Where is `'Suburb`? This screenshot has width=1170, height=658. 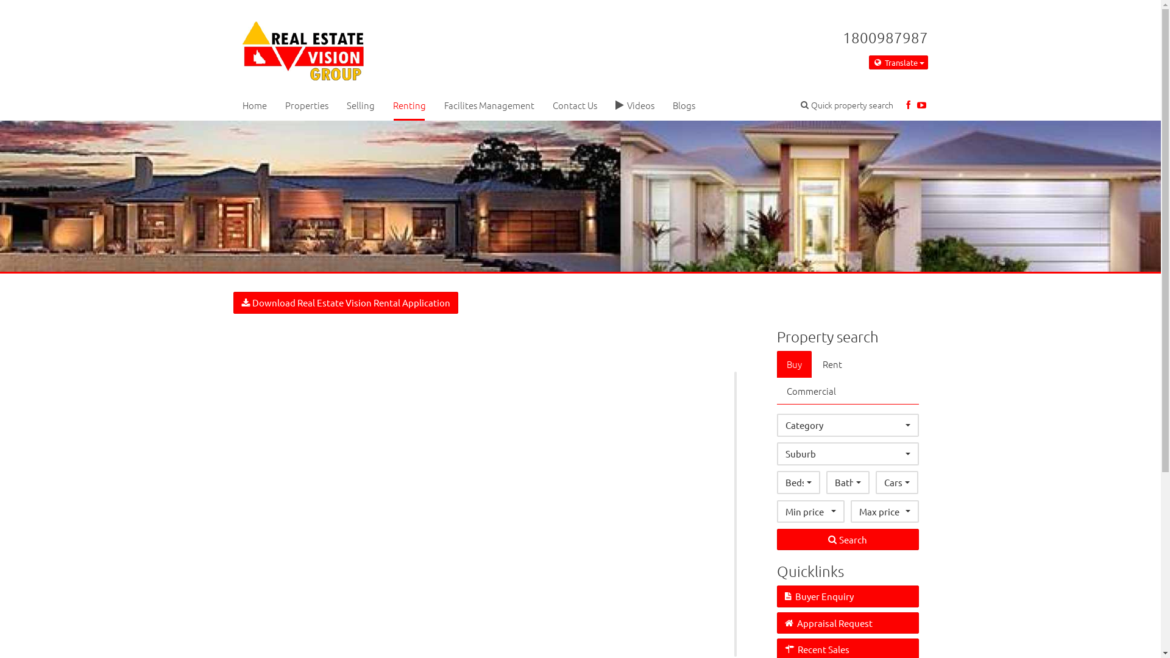 'Suburb is located at coordinates (847, 453).